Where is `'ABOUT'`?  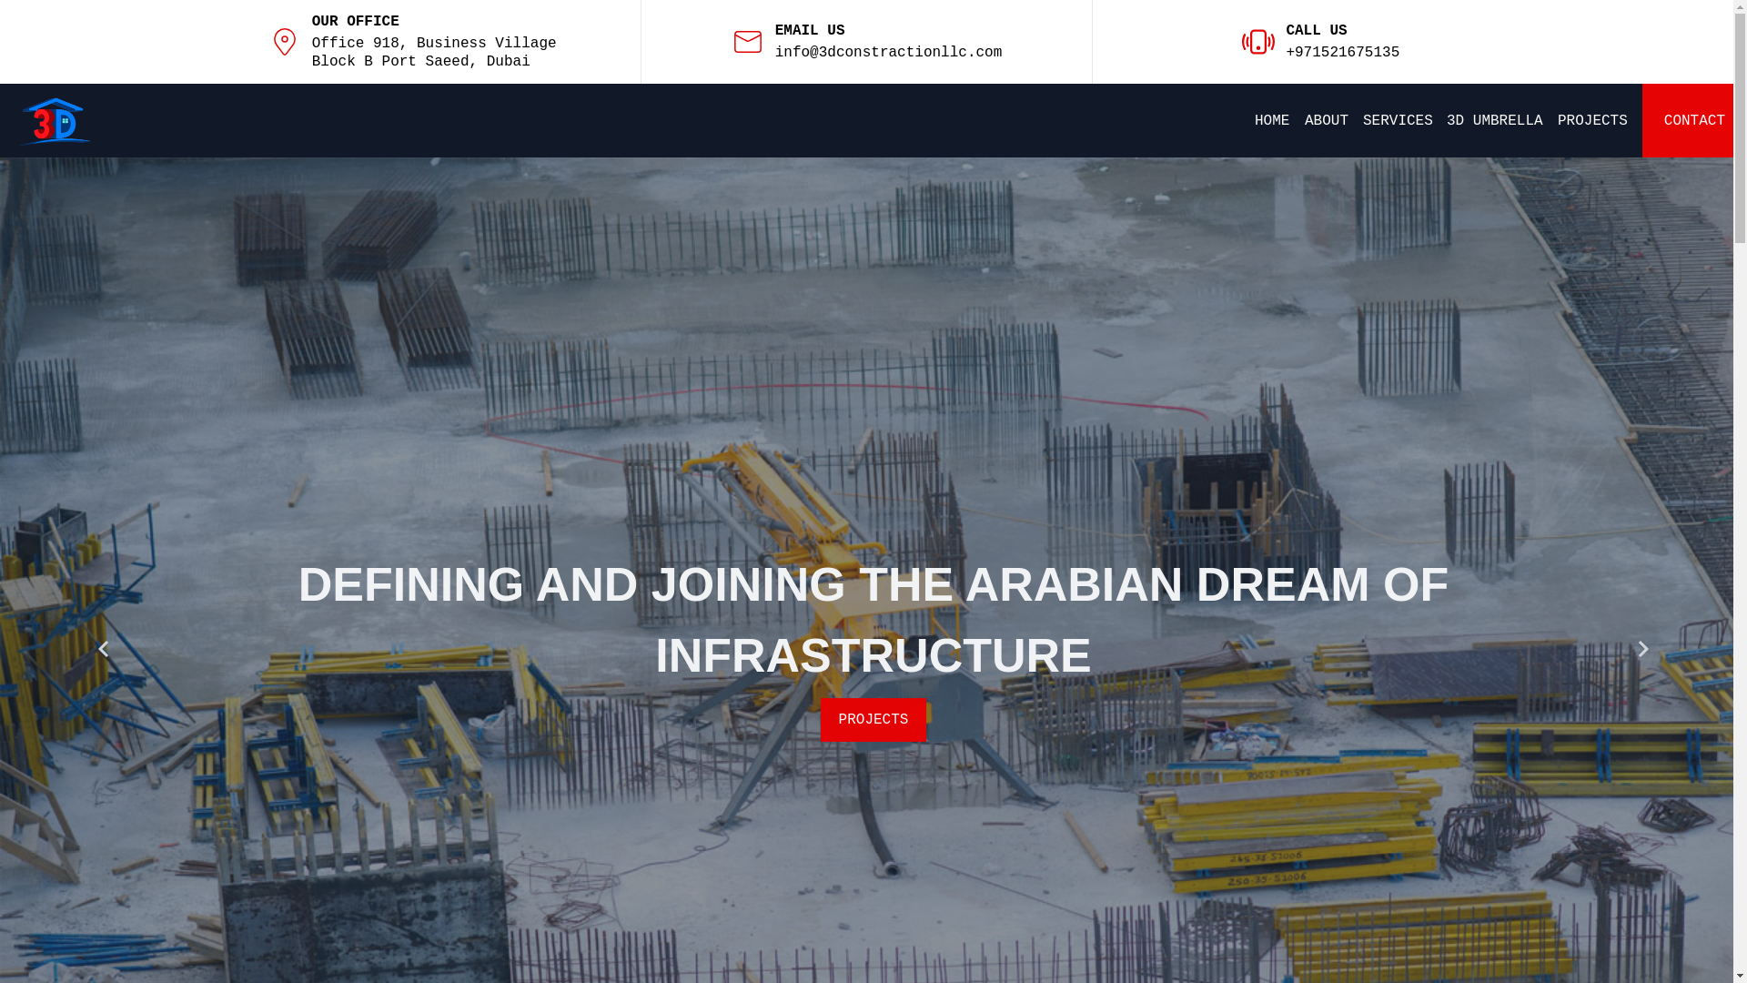 'ABOUT' is located at coordinates (1304, 120).